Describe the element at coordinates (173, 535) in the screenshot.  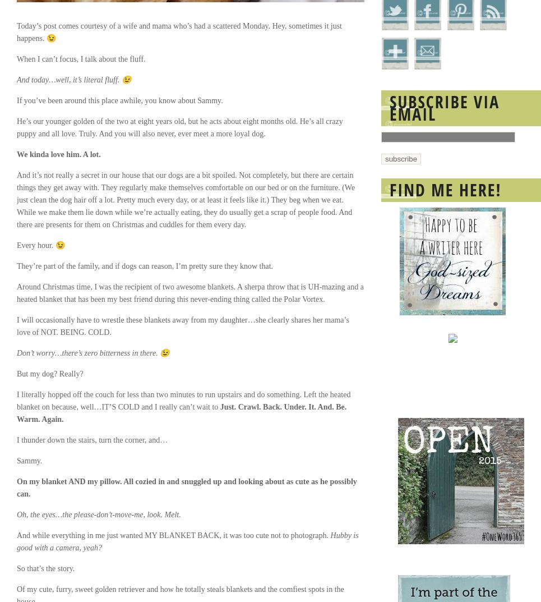
I see `'And while everything in me just wanted MY BLANKET BACK, it was too cute not to photograph.'` at that location.